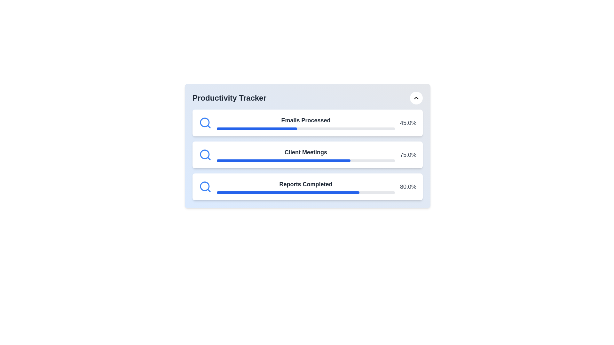 Image resolution: width=614 pixels, height=345 pixels. What do you see at coordinates (205, 122) in the screenshot?
I see `the circular icon with a blue outline that represents the lens of a magnifying glass, located in the 'Emails Processed' row of the productivity tracker interface` at bounding box center [205, 122].